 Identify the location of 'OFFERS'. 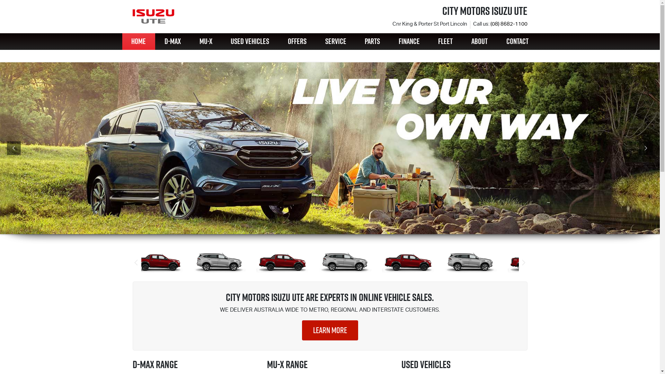
(297, 41).